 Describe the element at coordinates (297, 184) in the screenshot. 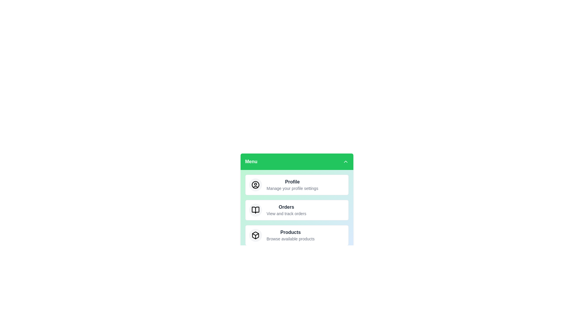

I see `the menu item labeled Profile to select it` at that location.